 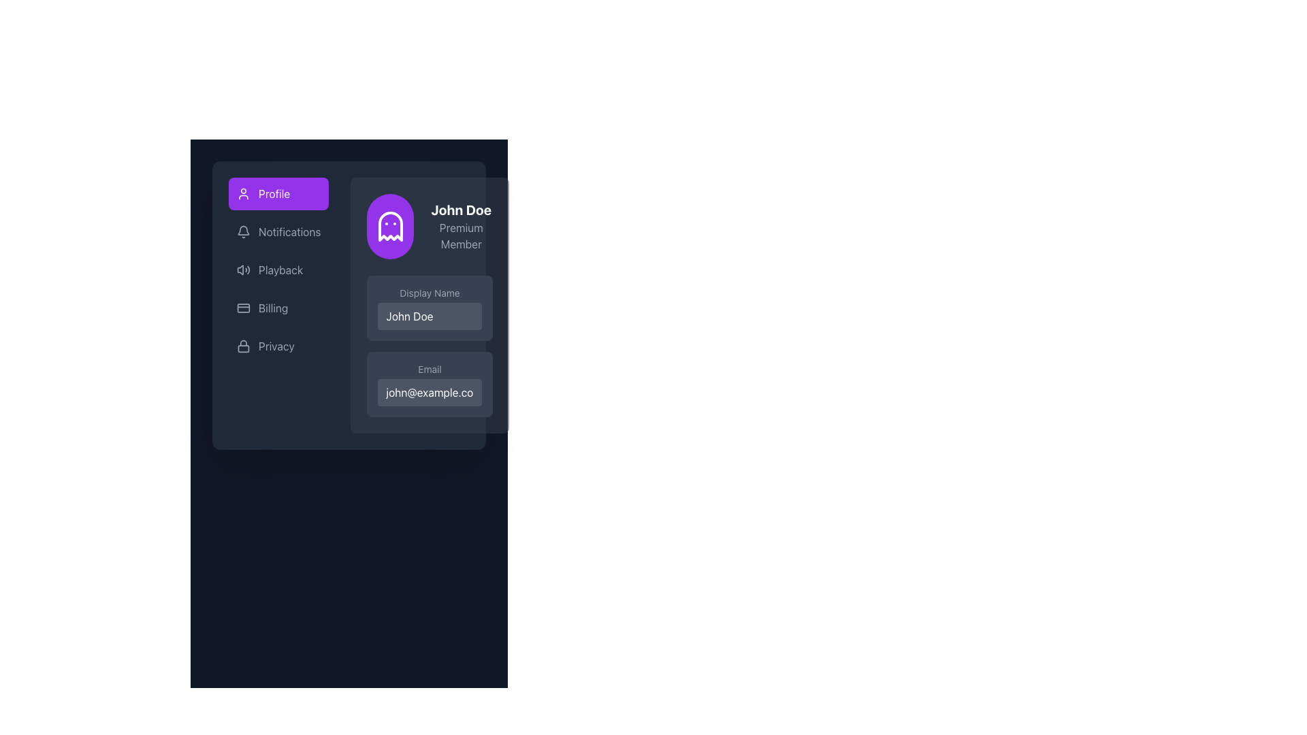 I want to click on the label element that displays 'Premium Member' located below the bold text 'John Doe' in the profile section, so click(x=461, y=235).